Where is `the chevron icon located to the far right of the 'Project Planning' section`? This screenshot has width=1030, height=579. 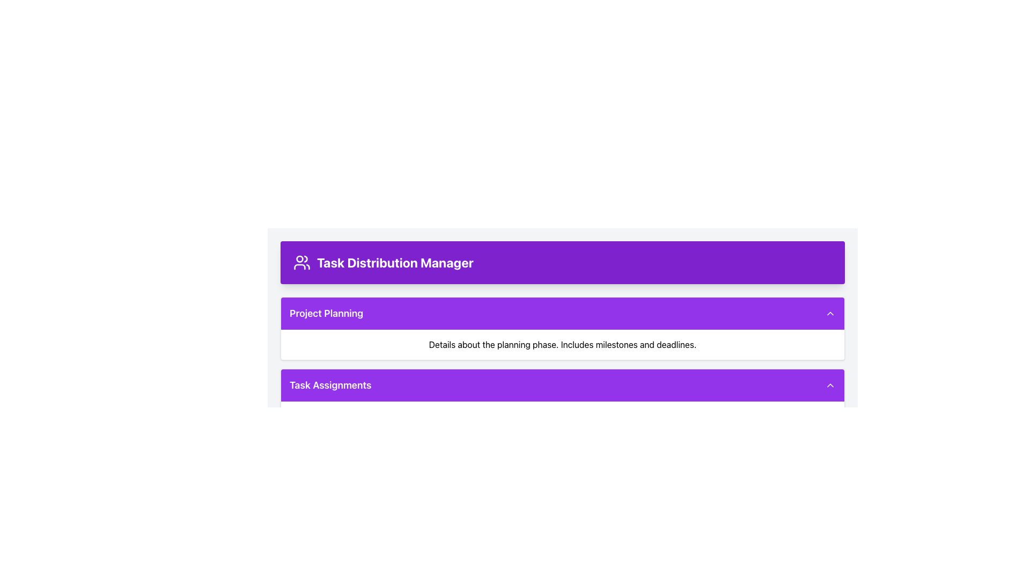
the chevron icon located to the far right of the 'Project Planning' section is located at coordinates (830, 314).